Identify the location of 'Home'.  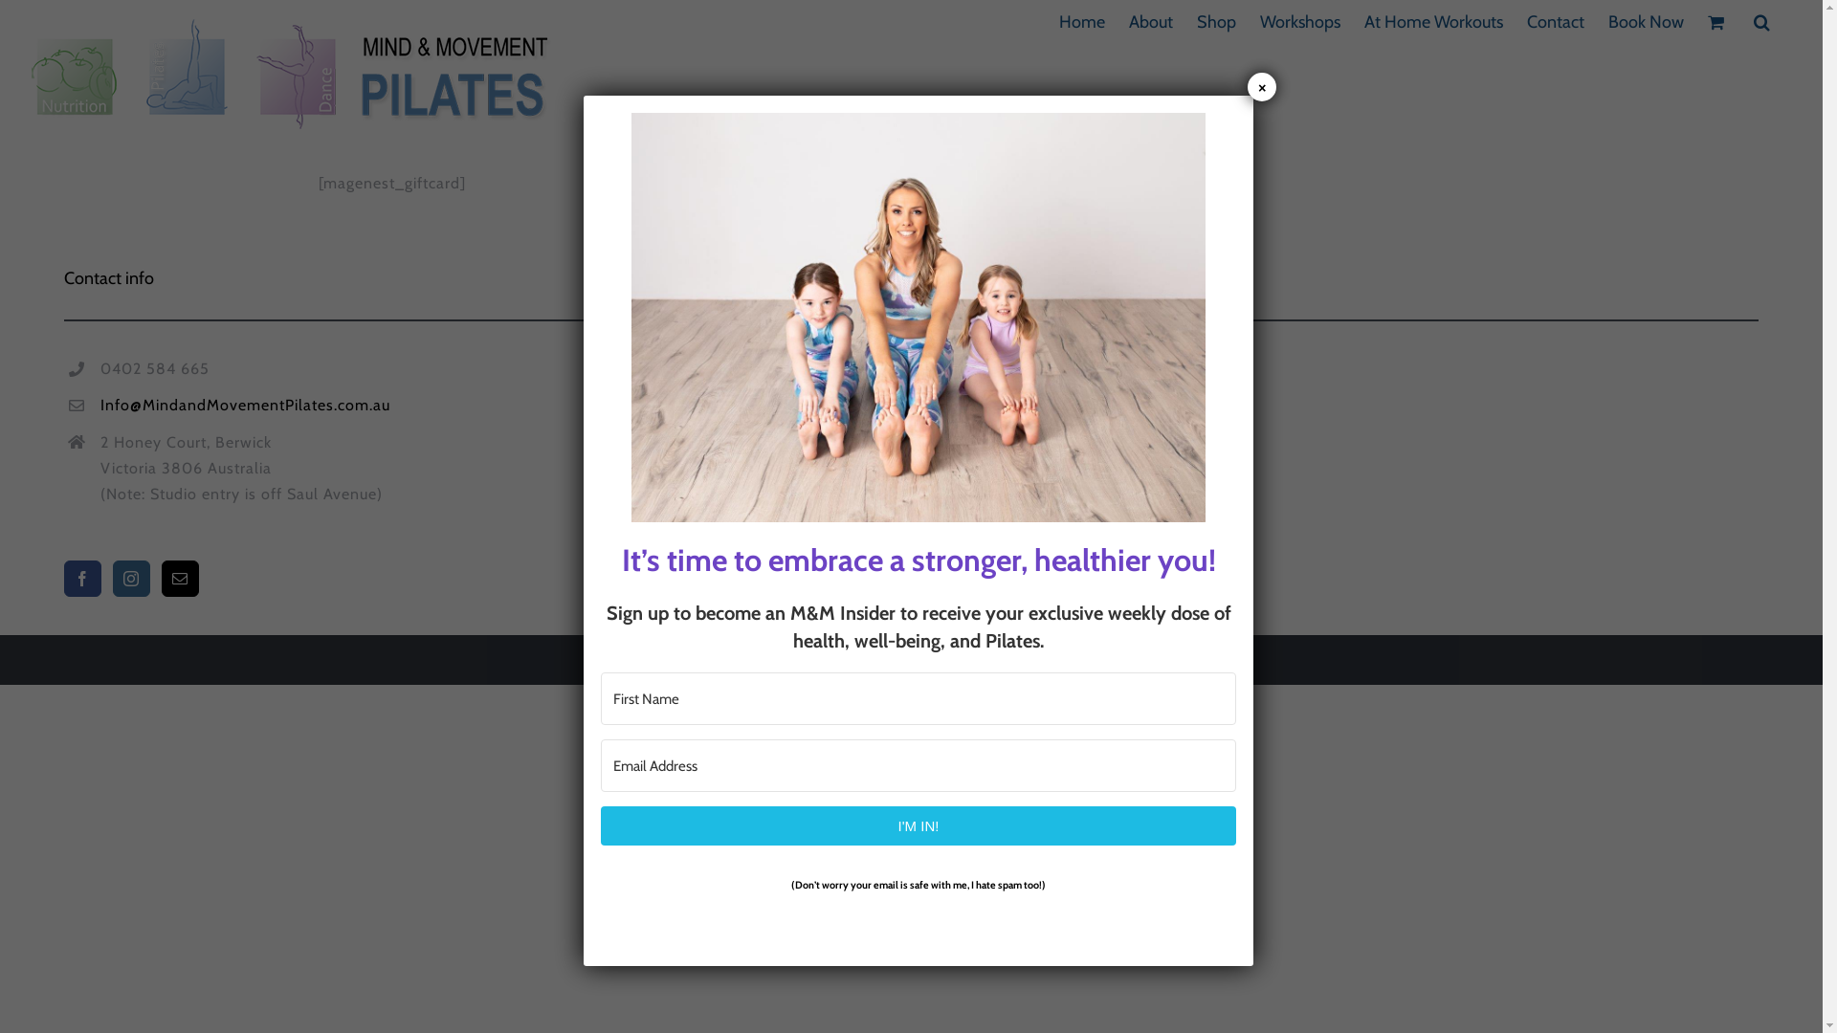
(1058, 21).